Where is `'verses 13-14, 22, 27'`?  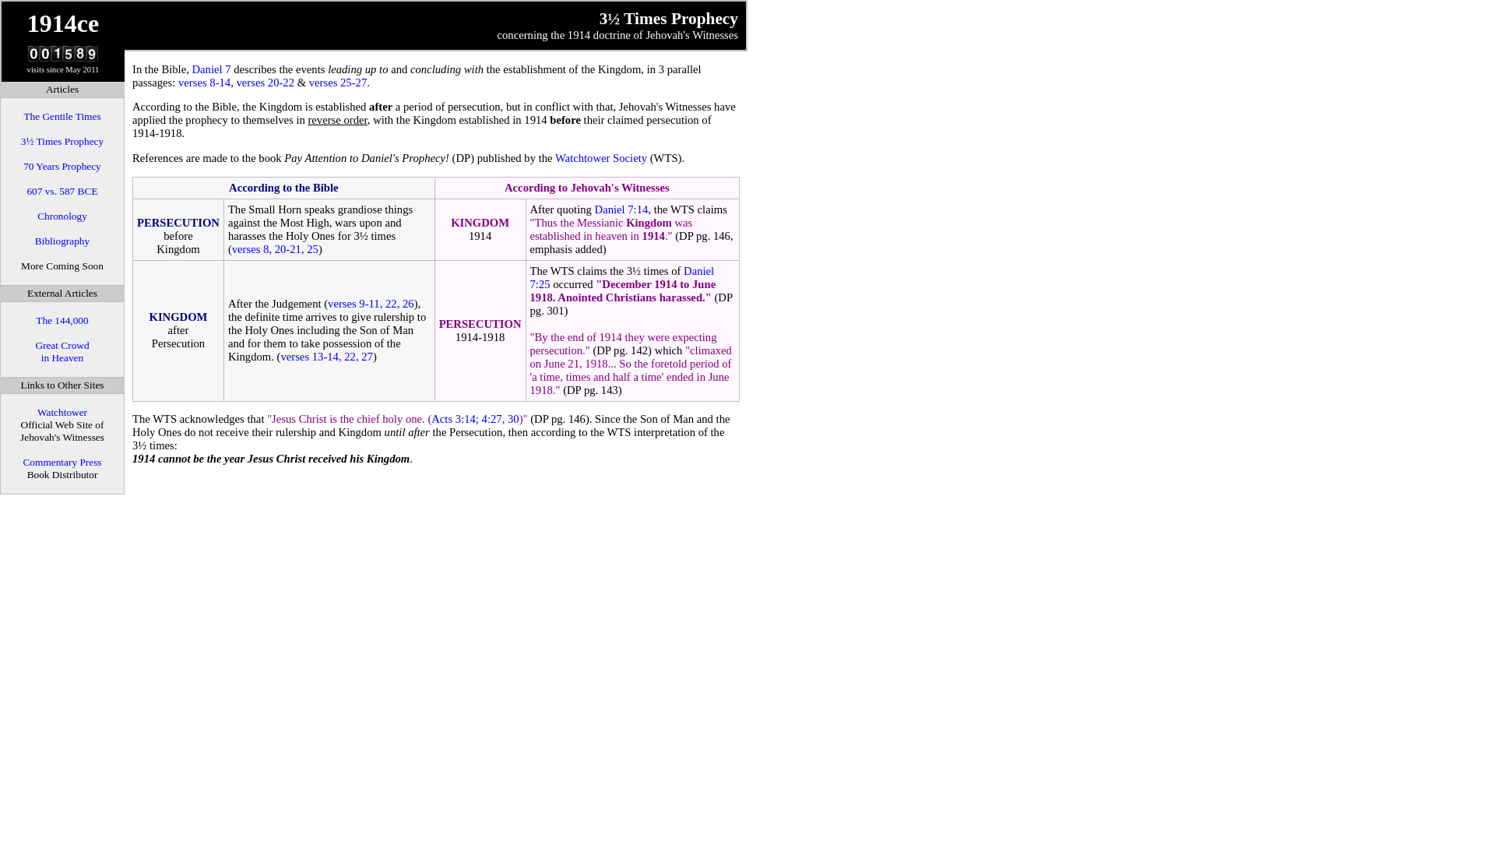
'verses 13-14, 22, 27' is located at coordinates (325, 357).